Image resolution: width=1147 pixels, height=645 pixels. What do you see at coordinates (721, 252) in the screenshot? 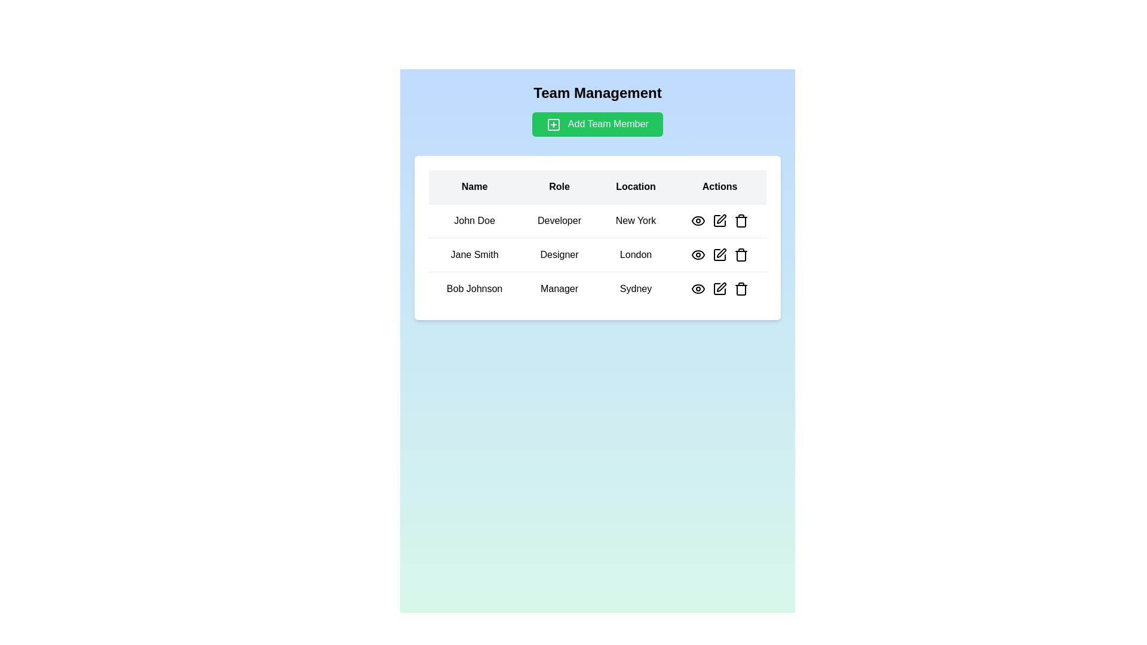
I see `the edit button located in the 'Actions' column of the second row of the table corresponding to 'Jane Smith's' entry` at bounding box center [721, 252].